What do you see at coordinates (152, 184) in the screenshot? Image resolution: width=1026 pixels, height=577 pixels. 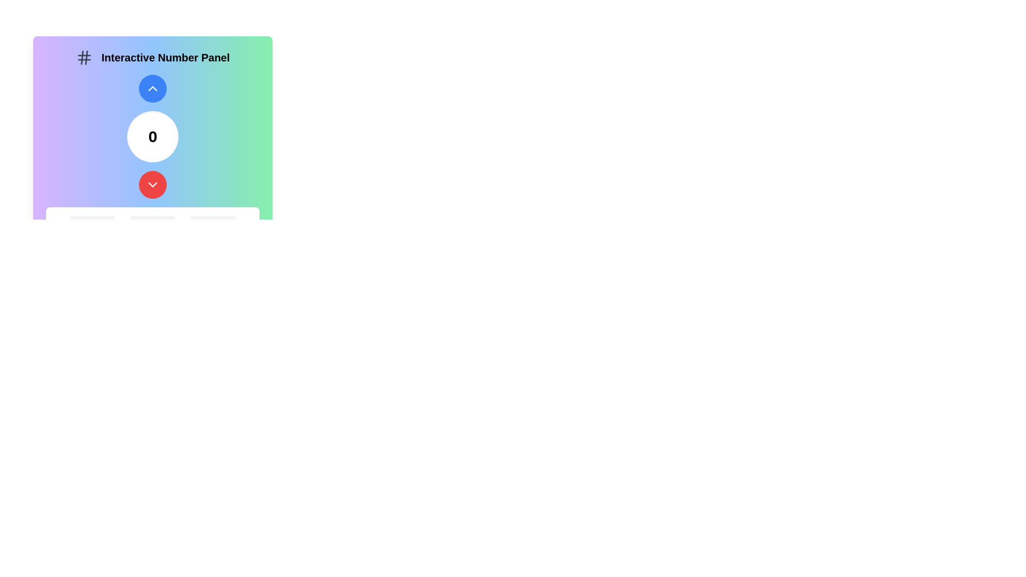 I see `the decrement button located below the large white circle displaying the number '0' to decrease the numeric value` at bounding box center [152, 184].